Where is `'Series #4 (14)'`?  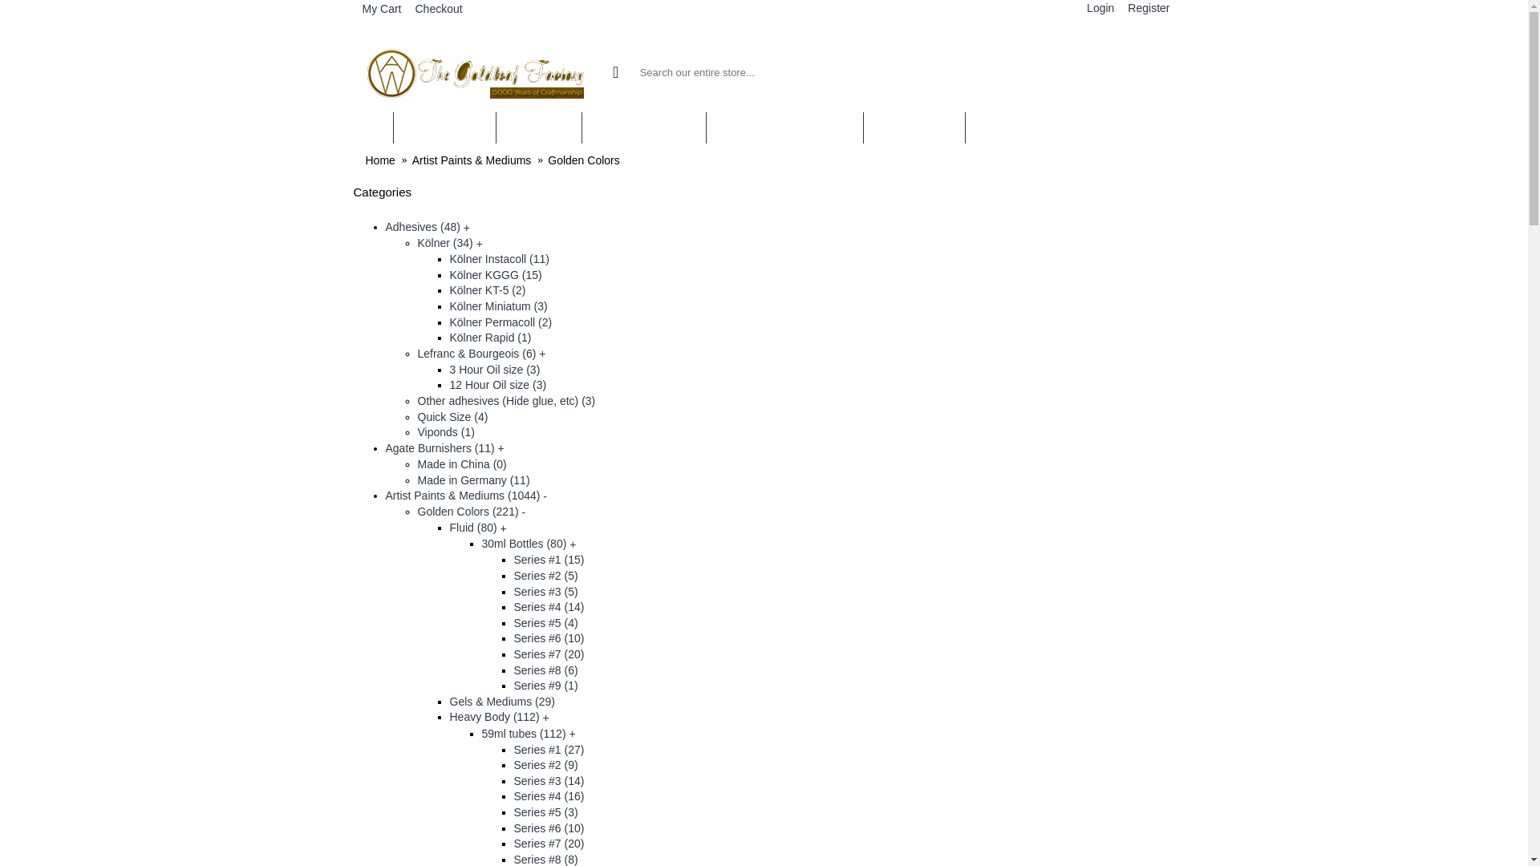 'Series #4 (14)' is located at coordinates (548, 606).